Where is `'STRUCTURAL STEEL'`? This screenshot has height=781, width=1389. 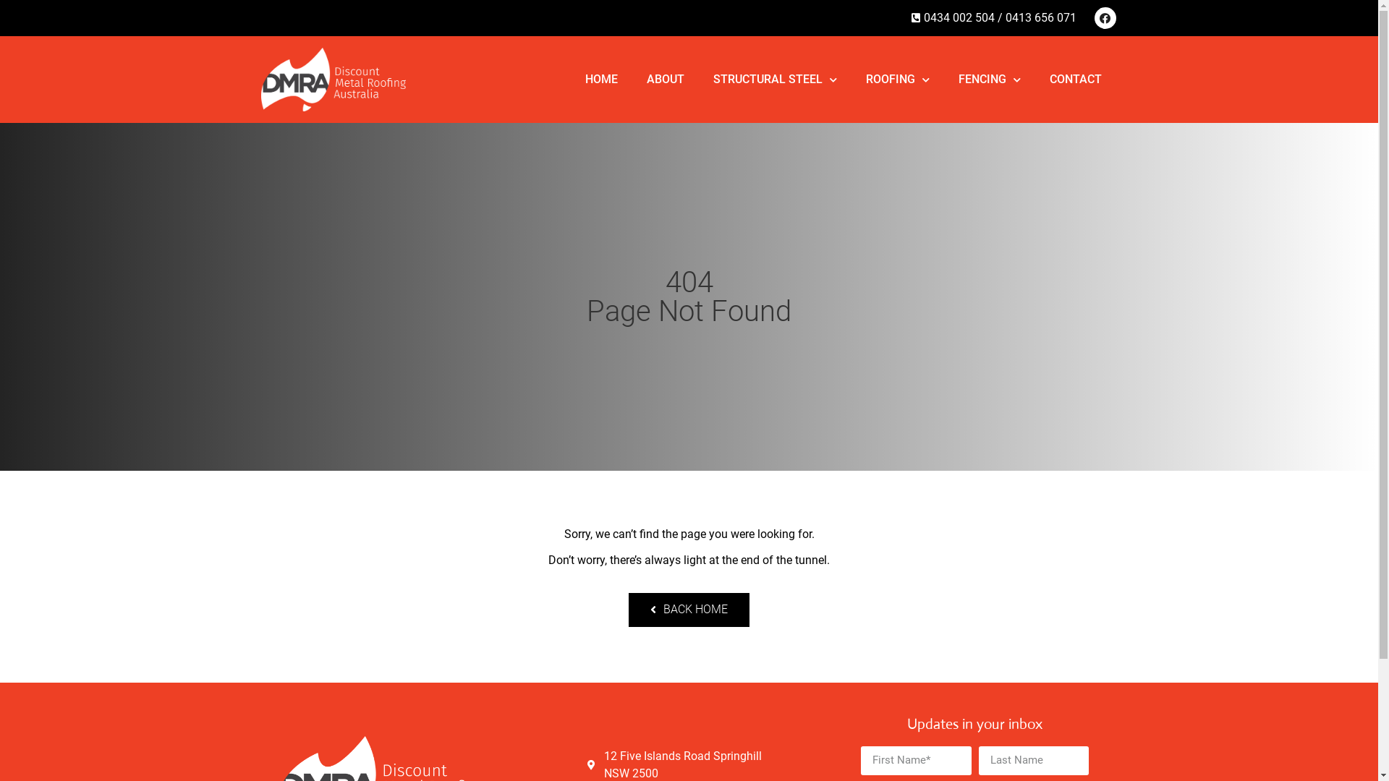 'STRUCTURAL STEEL' is located at coordinates (774, 80).